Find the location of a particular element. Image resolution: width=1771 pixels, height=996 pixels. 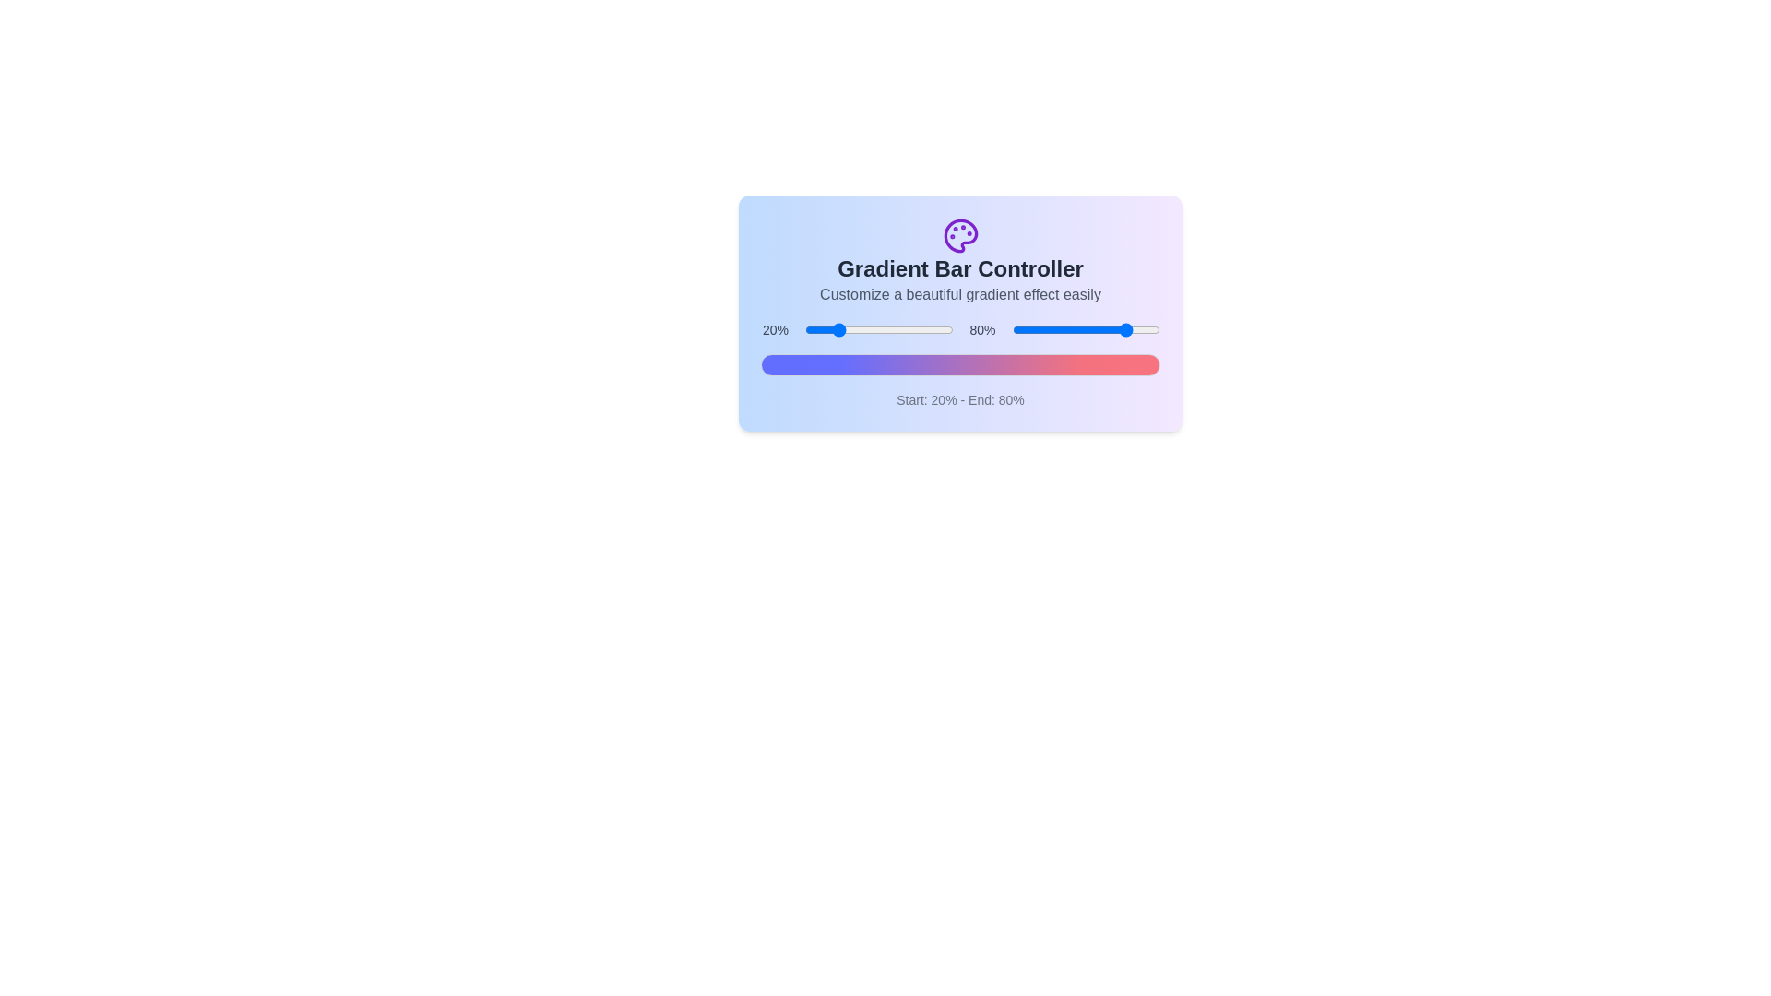

the start percentage slider to 59% is located at coordinates (892, 329).